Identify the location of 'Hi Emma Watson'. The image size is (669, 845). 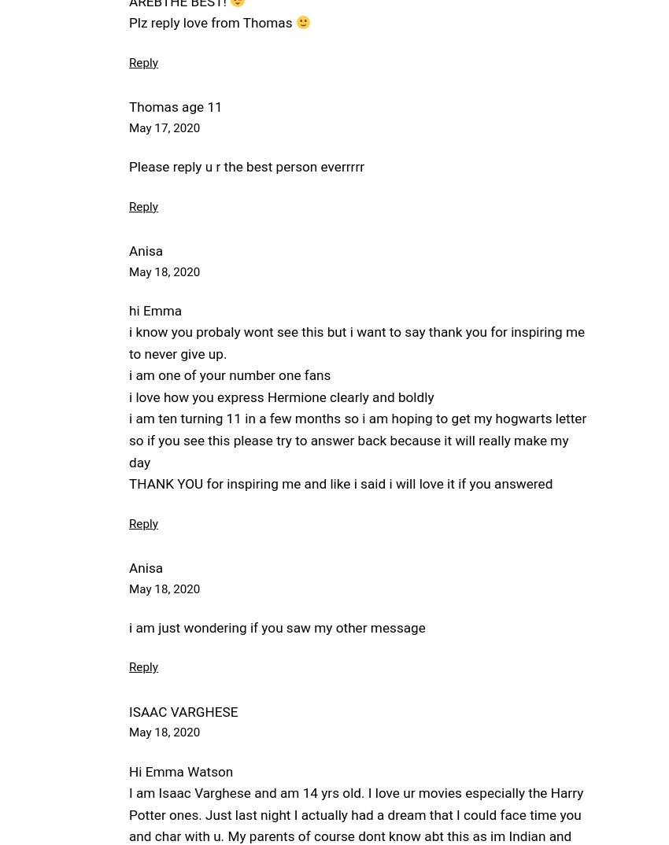
(181, 770).